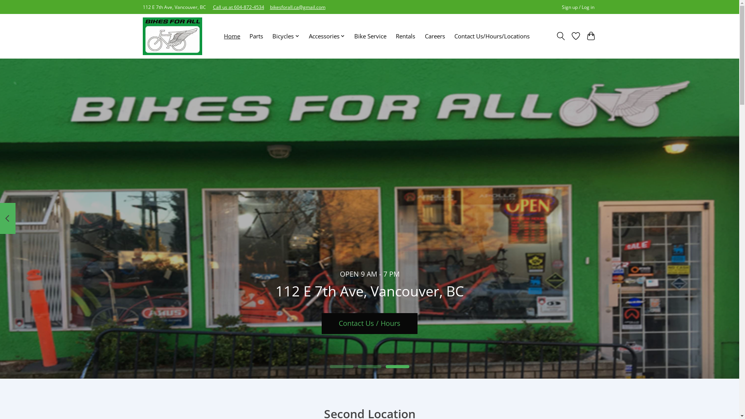 The height and width of the screenshot is (419, 745). What do you see at coordinates (370, 36) in the screenshot?
I see `'Bike Service'` at bounding box center [370, 36].